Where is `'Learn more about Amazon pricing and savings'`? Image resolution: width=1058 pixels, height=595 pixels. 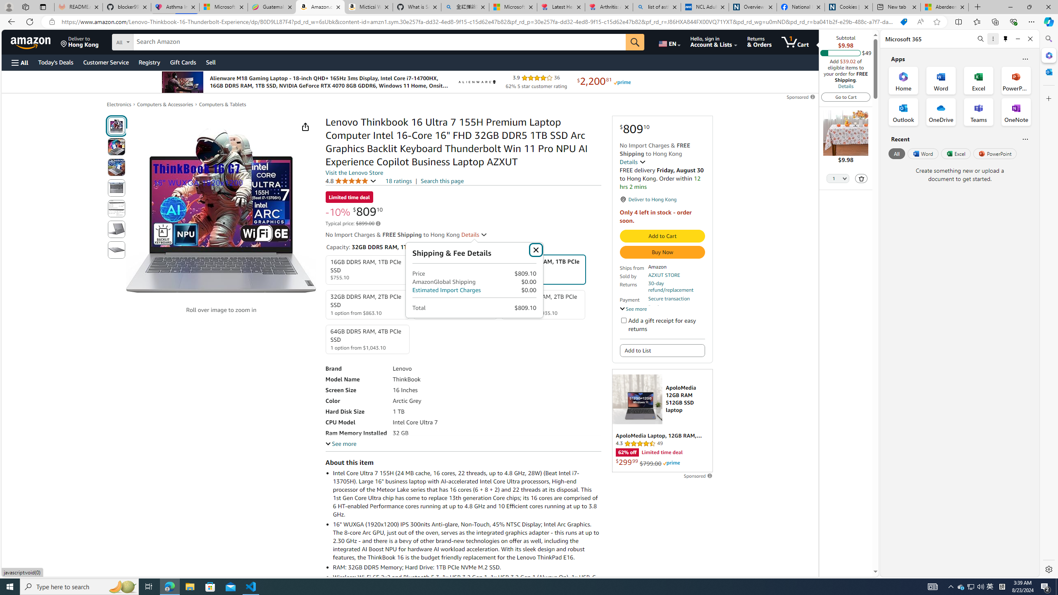
'Learn more about Amazon pricing and savings' is located at coordinates (378, 223).